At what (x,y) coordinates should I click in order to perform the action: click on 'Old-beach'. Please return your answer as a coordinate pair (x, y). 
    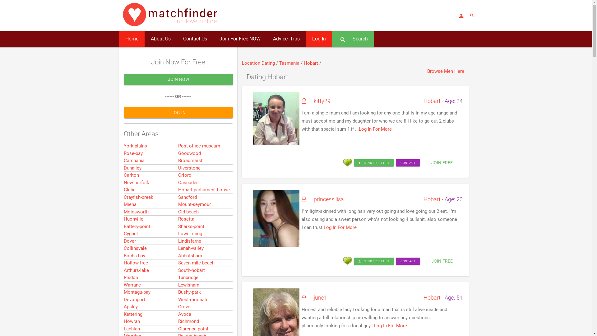
    Looking at the image, I should click on (187, 212).